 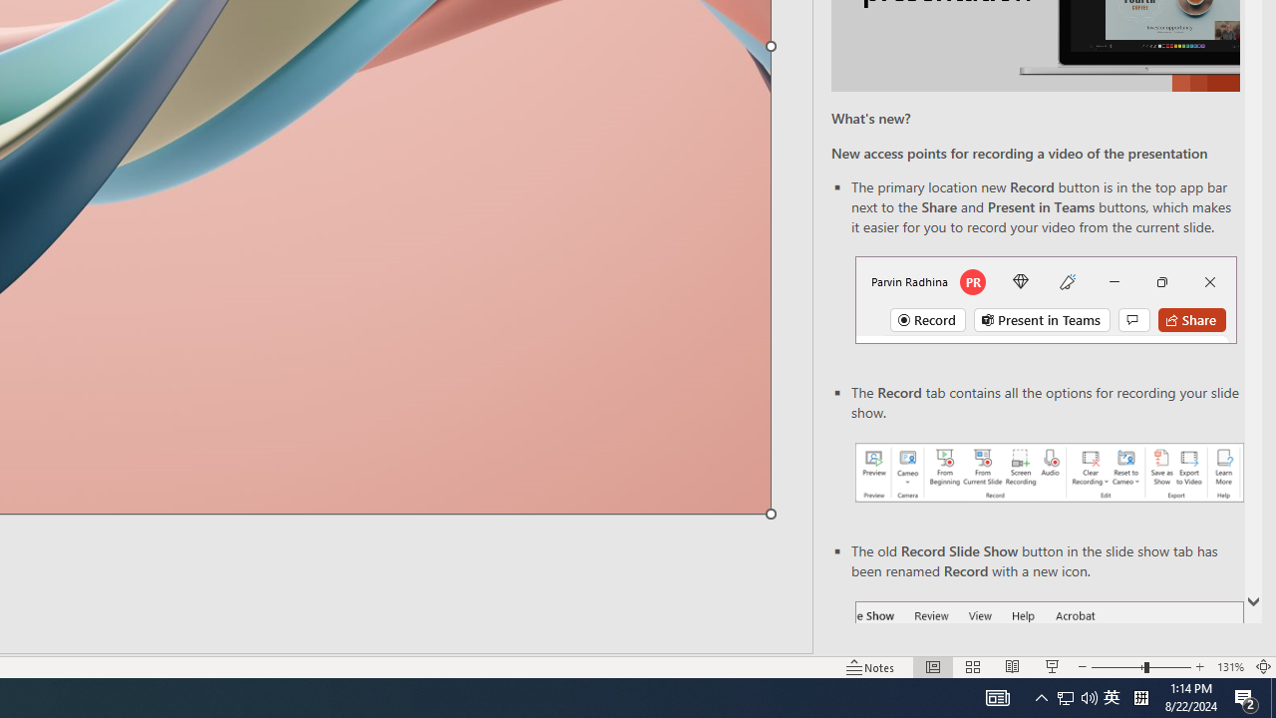 What do you see at coordinates (1117, 667) in the screenshot?
I see `'Zoom Out'` at bounding box center [1117, 667].